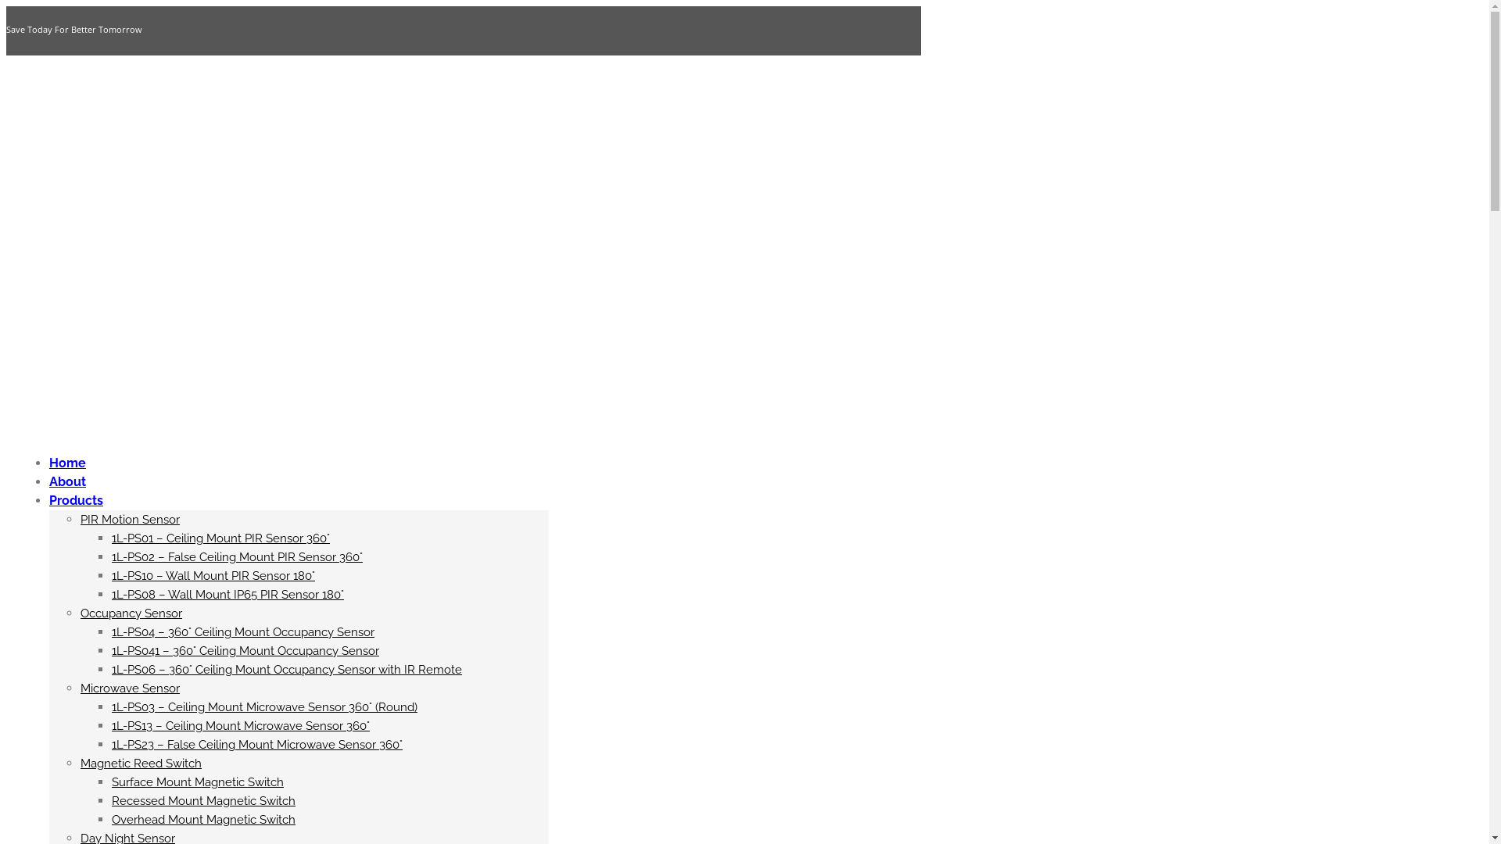 The image size is (1501, 844). What do you see at coordinates (130, 687) in the screenshot?
I see `'Microwave Sensor'` at bounding box center [130, 687].